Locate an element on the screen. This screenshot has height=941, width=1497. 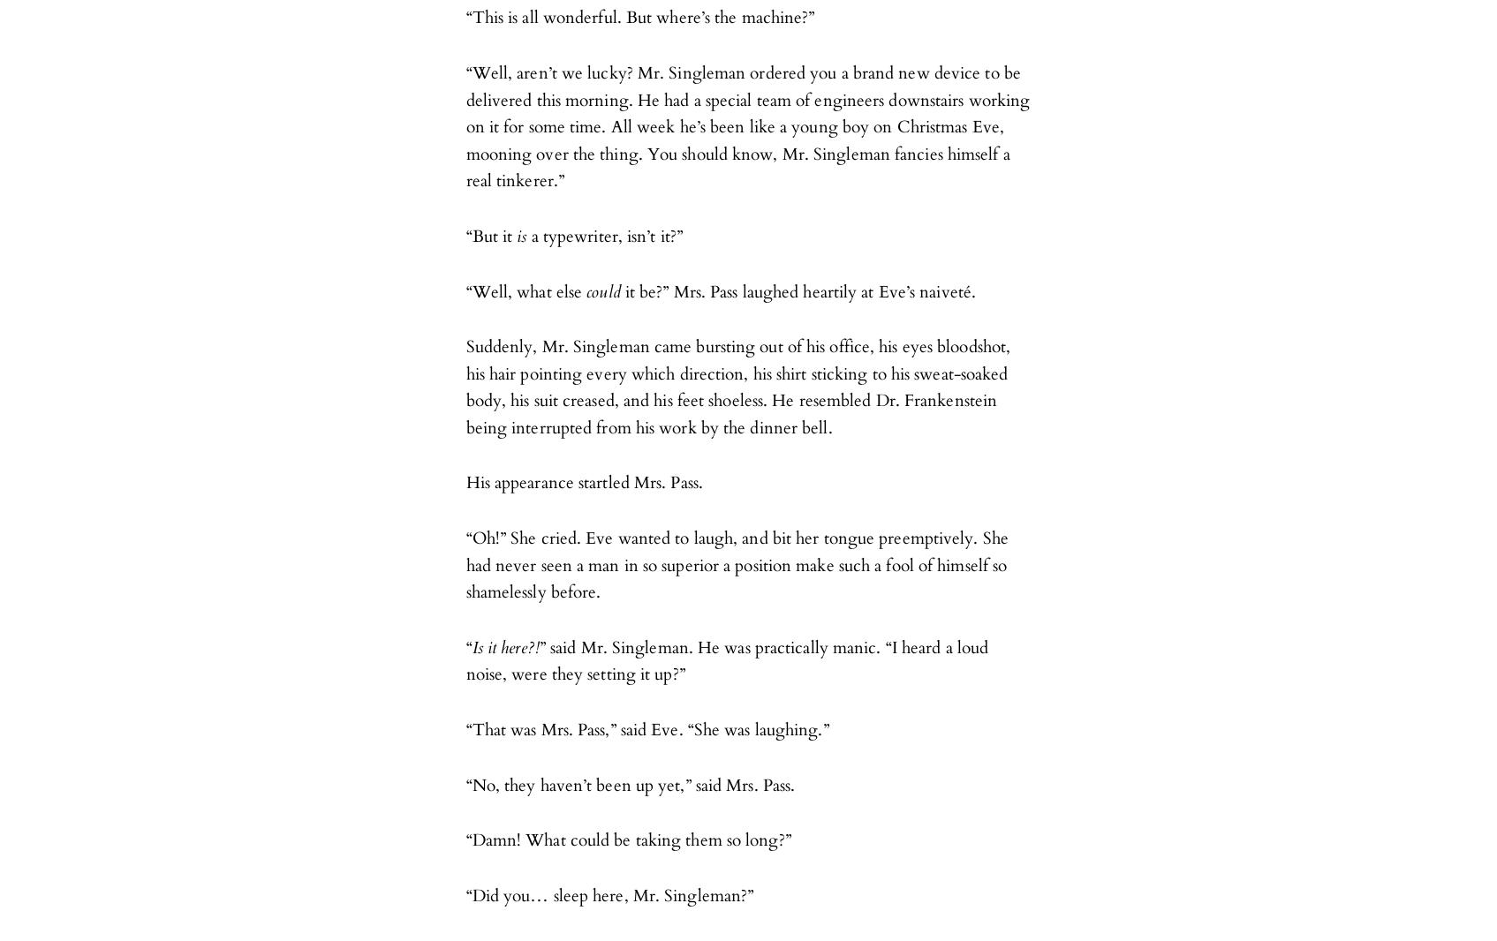
'“Damn! What could be taking them so long?”' is located at coordinates (628, 840).